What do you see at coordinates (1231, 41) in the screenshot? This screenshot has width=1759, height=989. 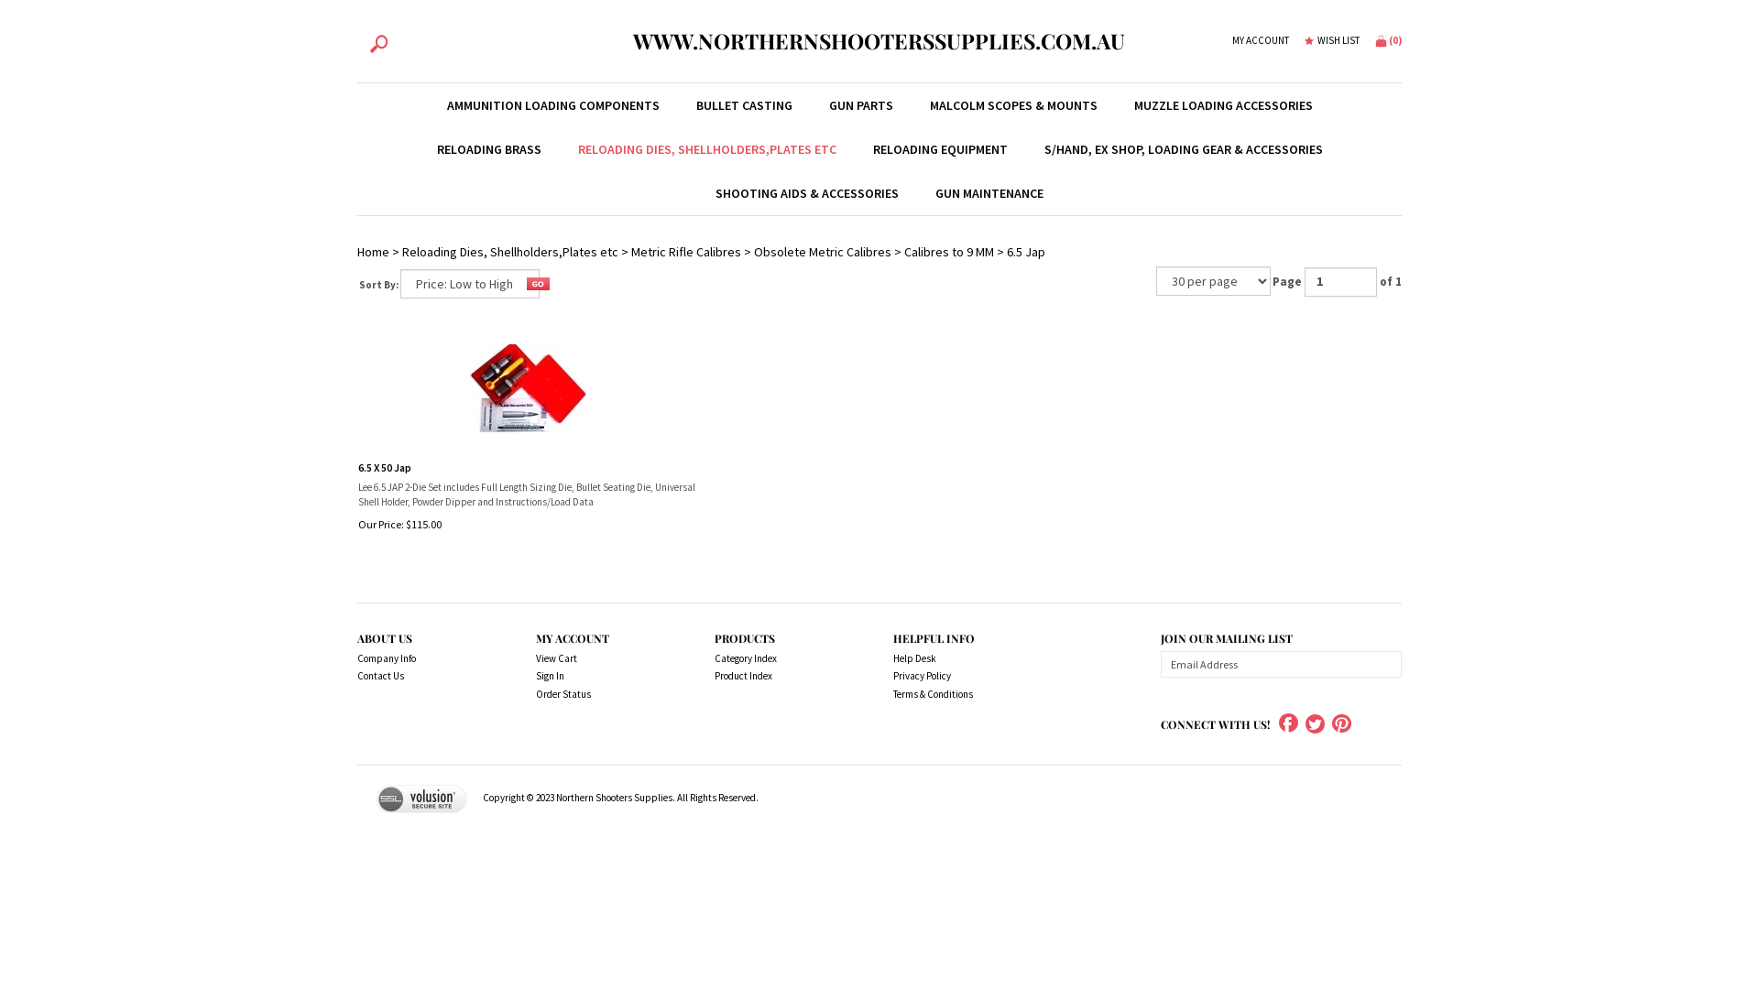 I see `'MY ACCOUNT'` at bounding box center [1231, 41].